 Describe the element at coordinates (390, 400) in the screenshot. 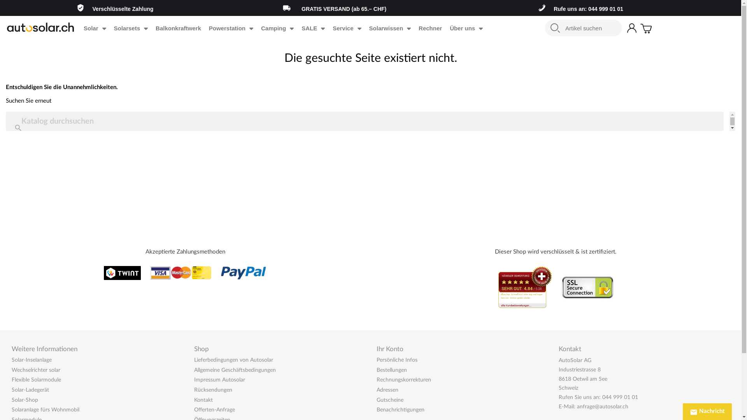

I see `'Gutscheine'` at that location.